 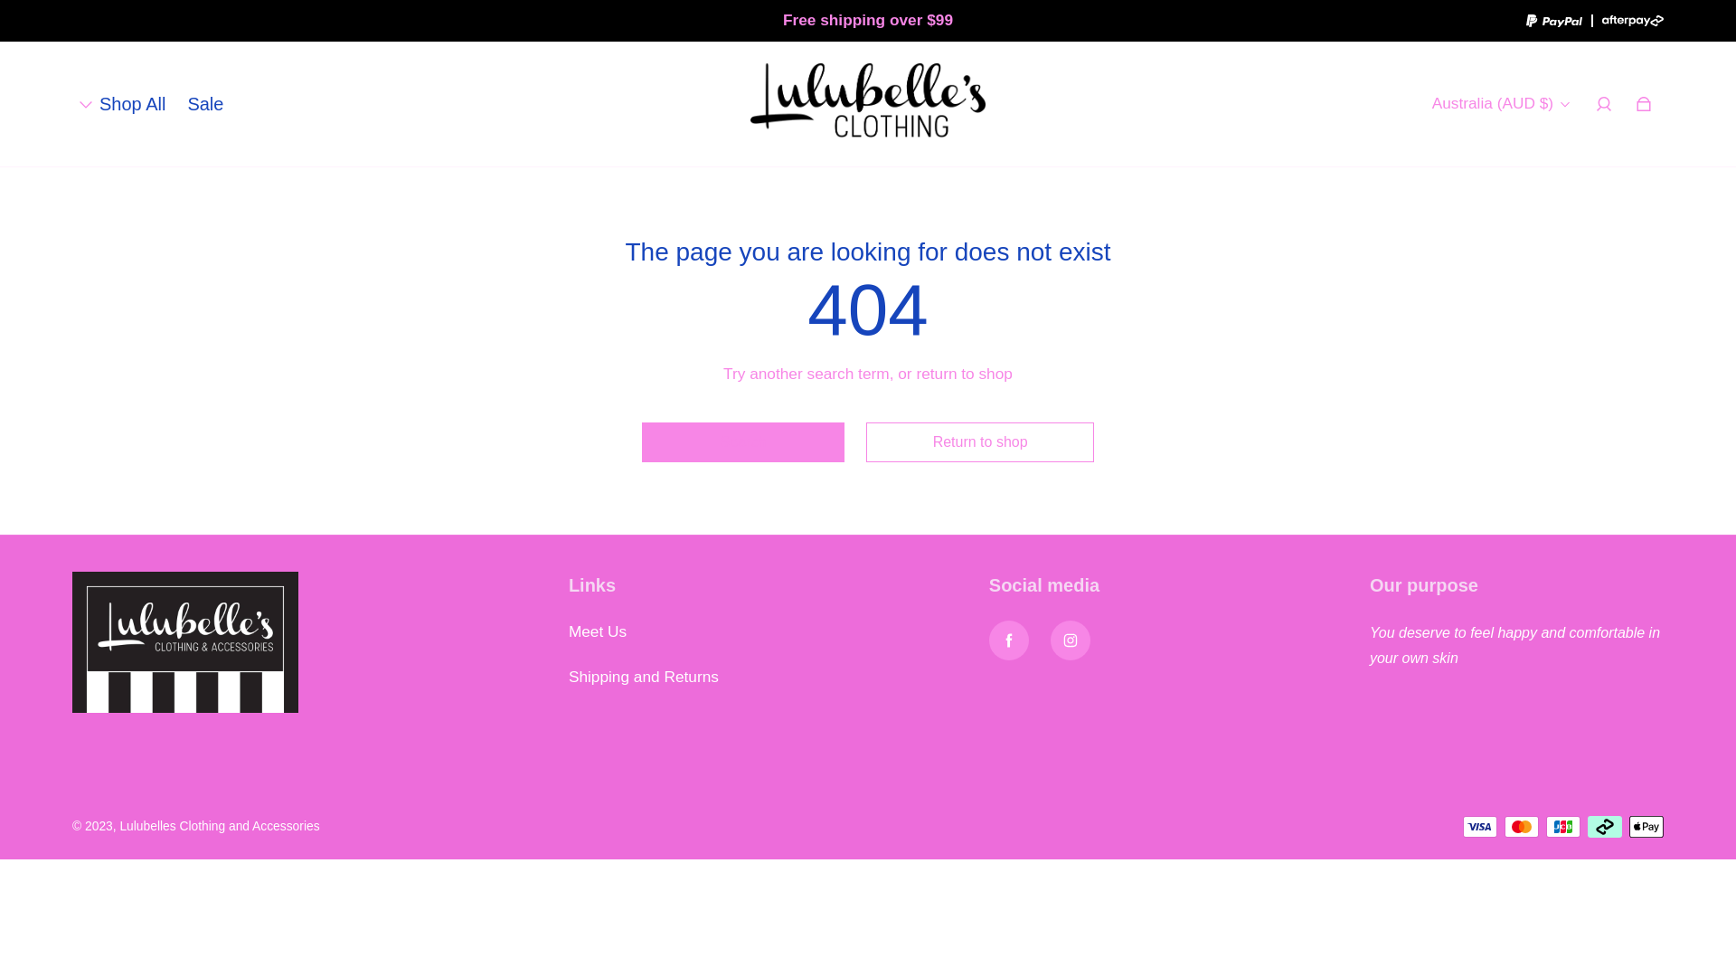 I want to click on 'Shop All', so click(x=131, y=104).